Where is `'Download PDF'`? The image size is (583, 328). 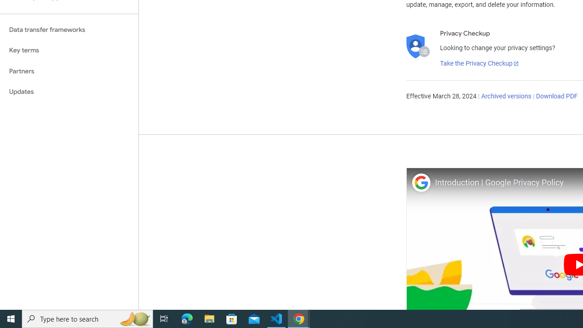 'Download PDF' is located at coordinates (556, 97).